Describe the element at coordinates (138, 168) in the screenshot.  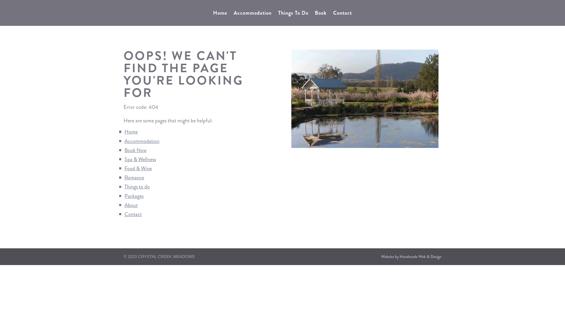
I see `'Food & Wine'` at that location.